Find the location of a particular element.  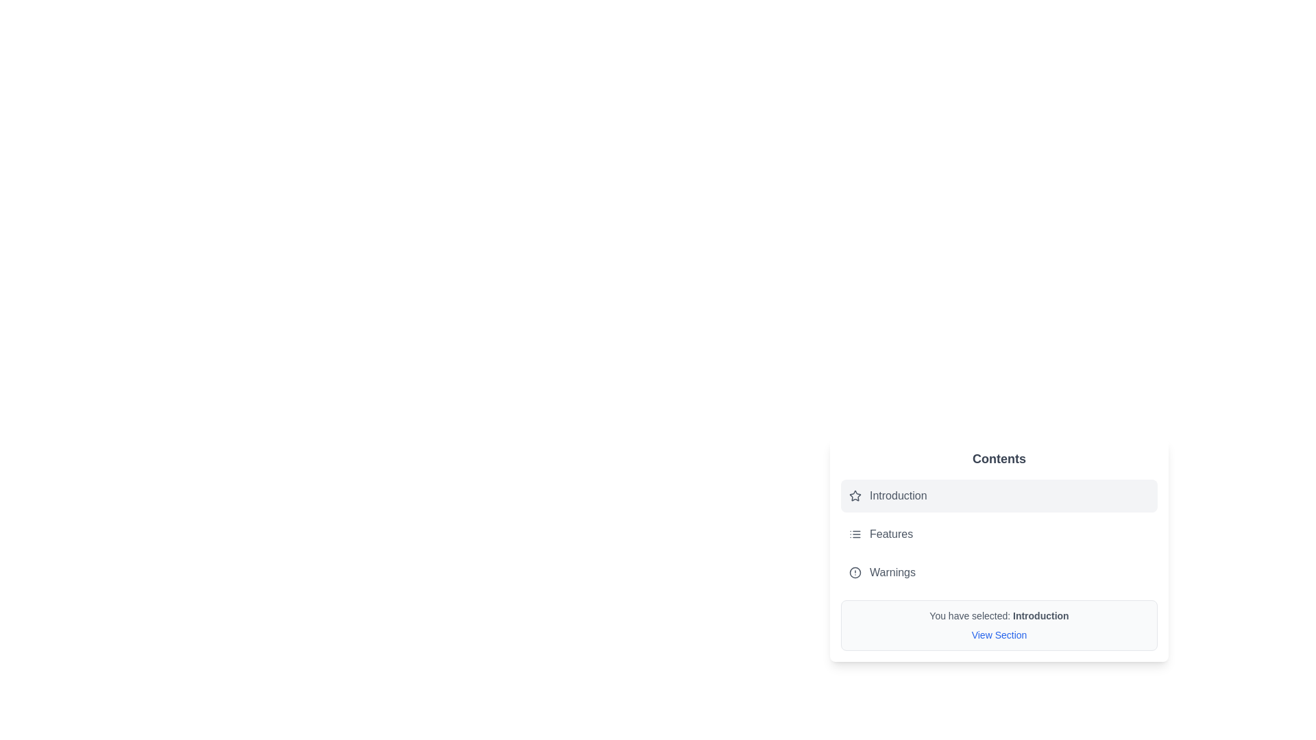

the SVG icon representing a list or menu, which is part of the 'Features' option located to the left of the text label 'Features' is located at coordinates (855, 533).